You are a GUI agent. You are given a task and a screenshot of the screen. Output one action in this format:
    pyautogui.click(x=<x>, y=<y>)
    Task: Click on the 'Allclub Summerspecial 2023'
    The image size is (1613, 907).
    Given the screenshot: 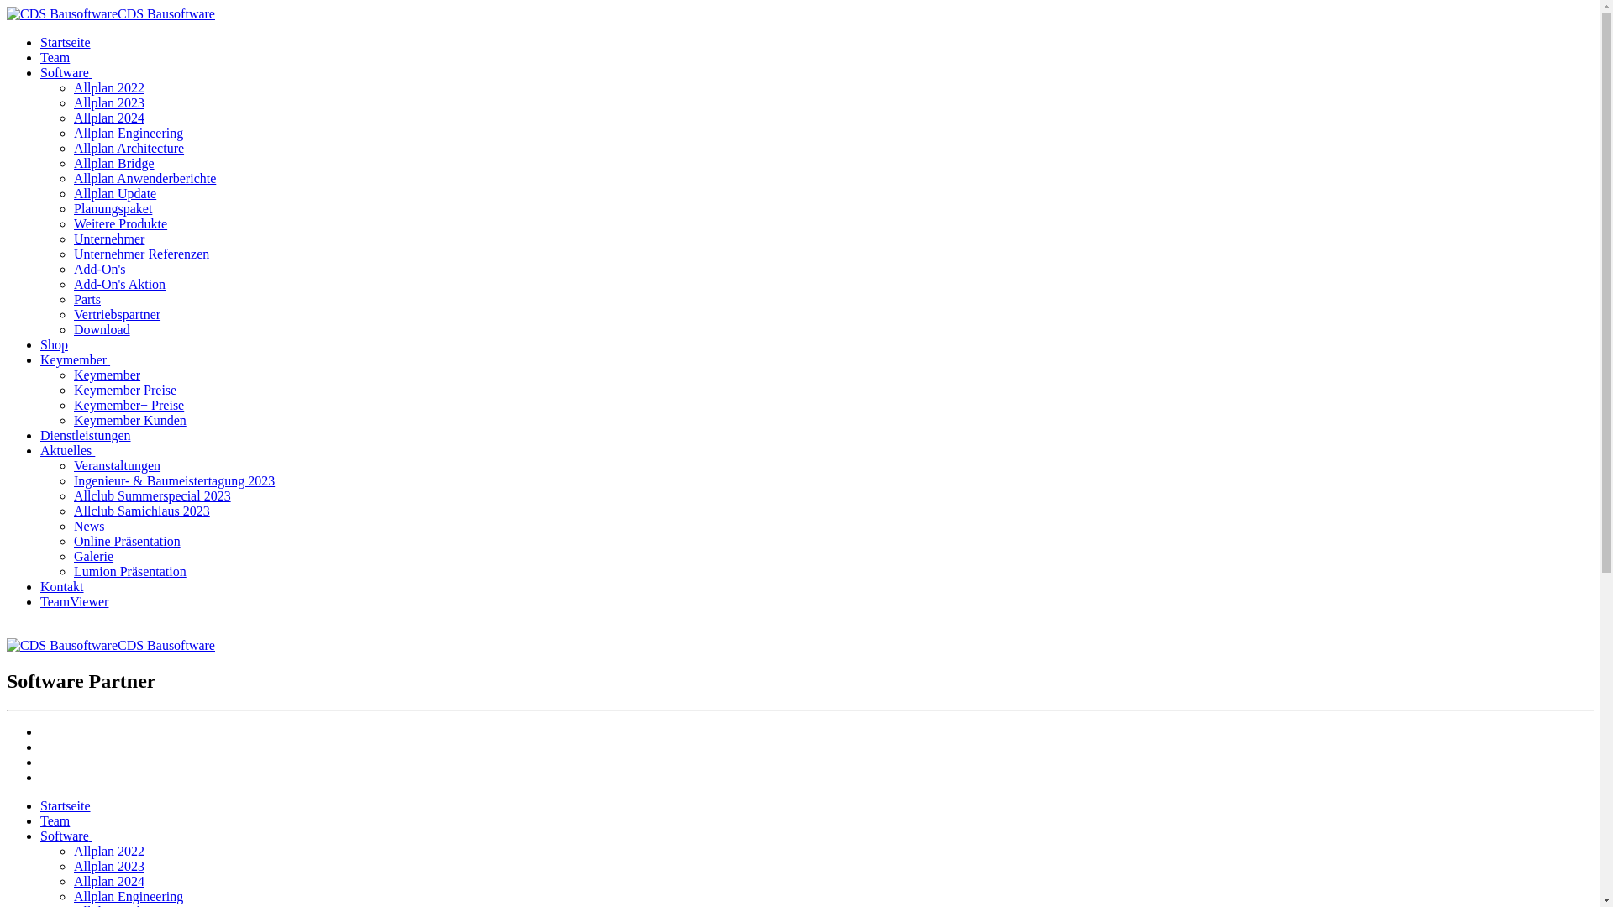 What is the action you would take?
    pyautogui.click(x=152, y=495)
    